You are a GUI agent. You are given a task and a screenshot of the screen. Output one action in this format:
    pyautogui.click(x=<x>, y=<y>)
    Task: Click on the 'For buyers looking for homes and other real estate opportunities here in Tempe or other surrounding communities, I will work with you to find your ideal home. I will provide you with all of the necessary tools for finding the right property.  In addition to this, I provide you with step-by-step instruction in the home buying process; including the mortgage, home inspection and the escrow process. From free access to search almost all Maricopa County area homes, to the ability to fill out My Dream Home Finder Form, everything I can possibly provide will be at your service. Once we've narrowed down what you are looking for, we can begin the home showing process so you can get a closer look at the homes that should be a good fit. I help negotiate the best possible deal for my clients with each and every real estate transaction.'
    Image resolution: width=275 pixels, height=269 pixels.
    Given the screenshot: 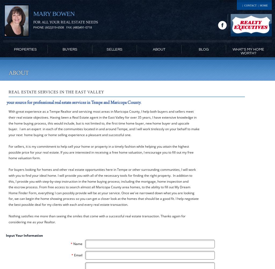 What is the action you would take?
    pyautogui.click(x=103, y=187)
    